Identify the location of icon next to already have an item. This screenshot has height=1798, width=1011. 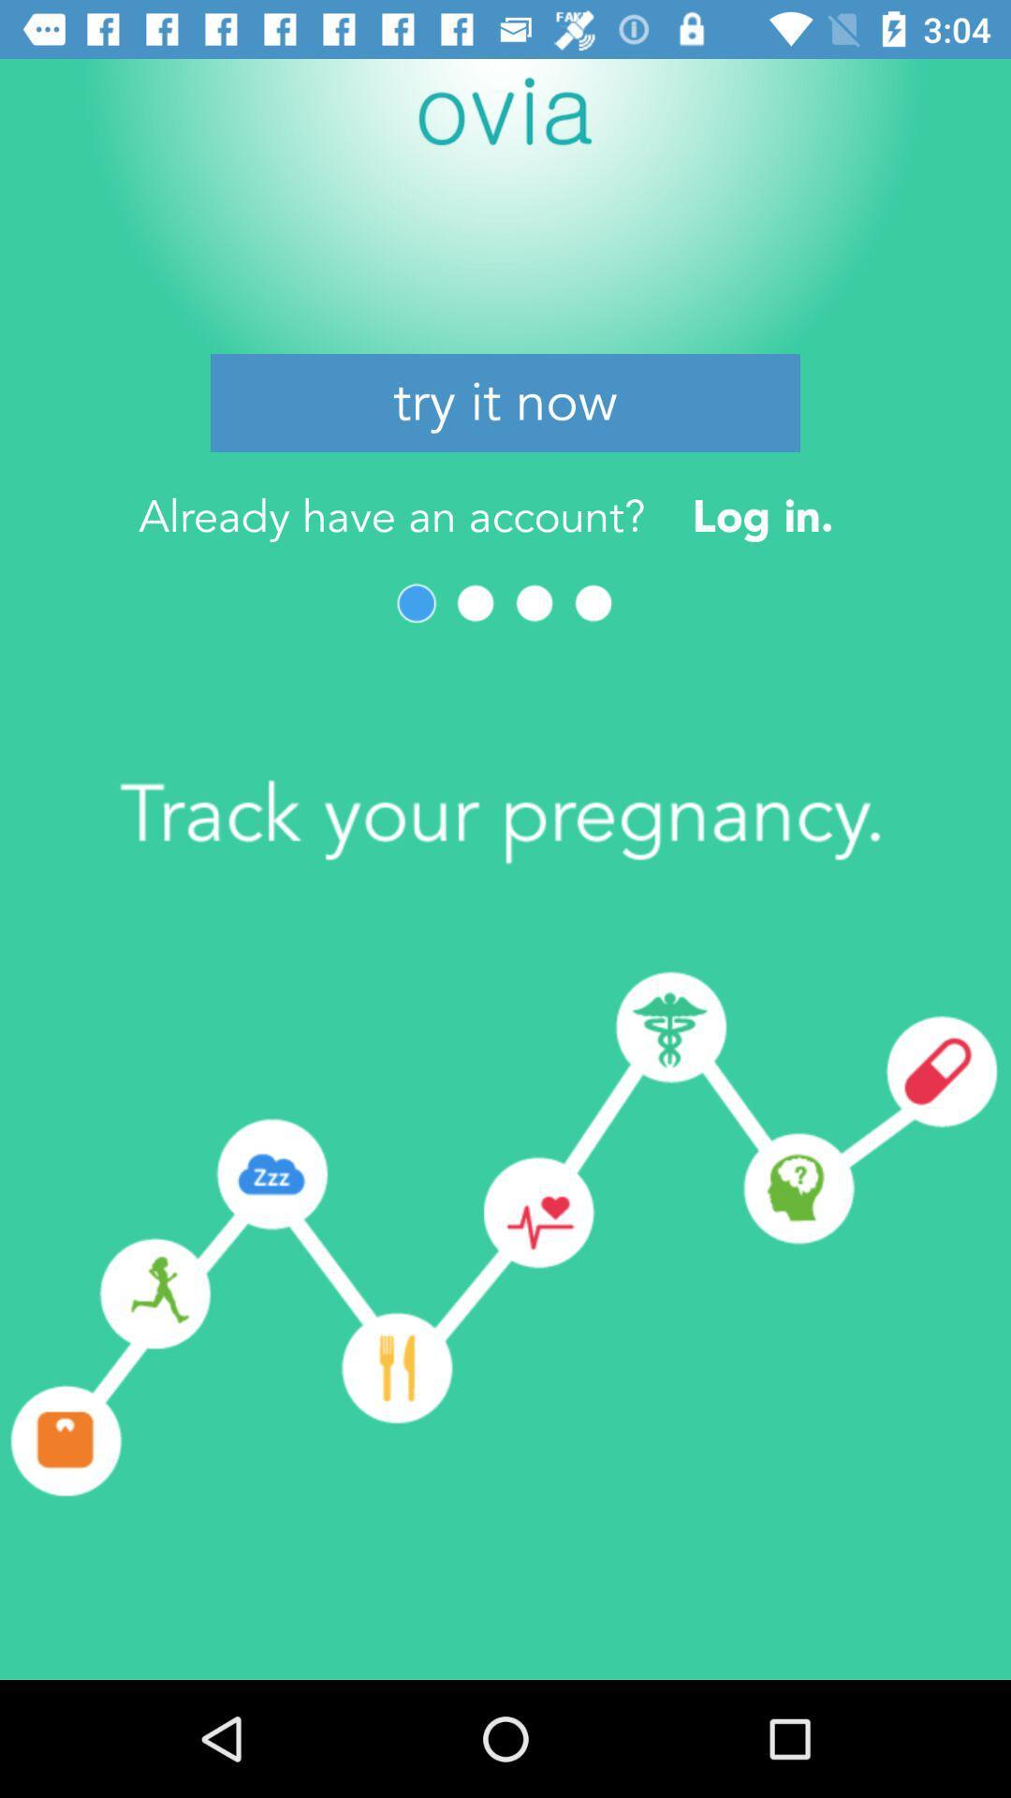
(763, 516).